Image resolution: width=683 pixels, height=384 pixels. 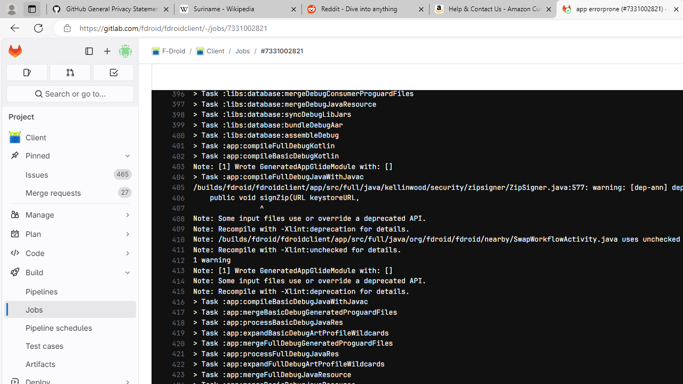 I want to click on '409', so click(x=176, y=228).